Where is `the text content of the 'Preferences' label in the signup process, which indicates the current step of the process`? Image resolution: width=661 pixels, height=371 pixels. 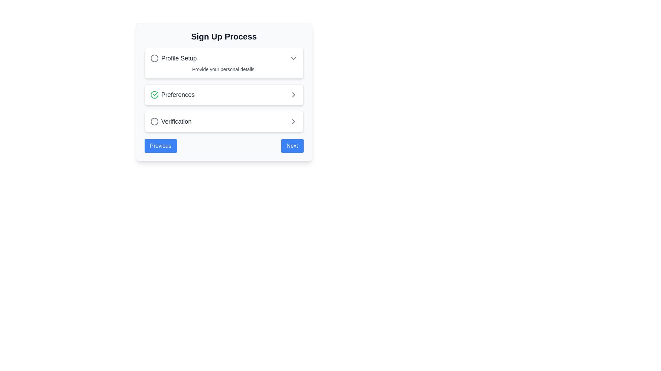
the text content of the 'Preferences' label in the signup process, which indicates the current step of the process is located at coordinates (178, 95).